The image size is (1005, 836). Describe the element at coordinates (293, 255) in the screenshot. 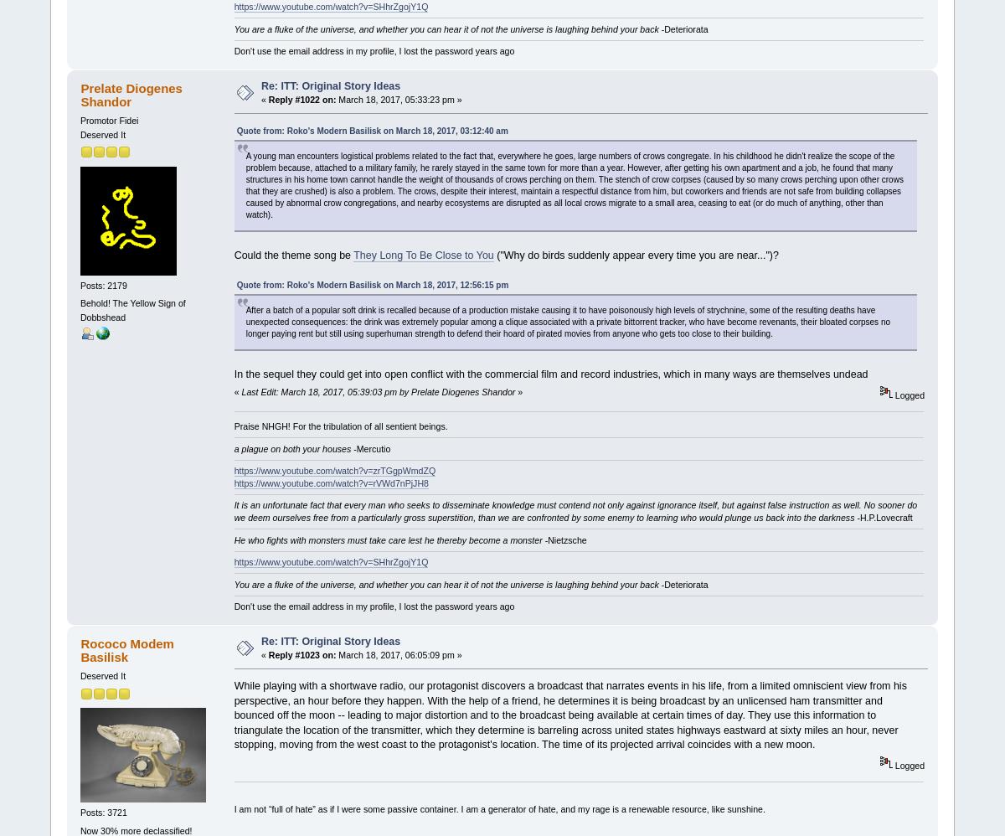

I see `'Could the theme song be'` at that location.